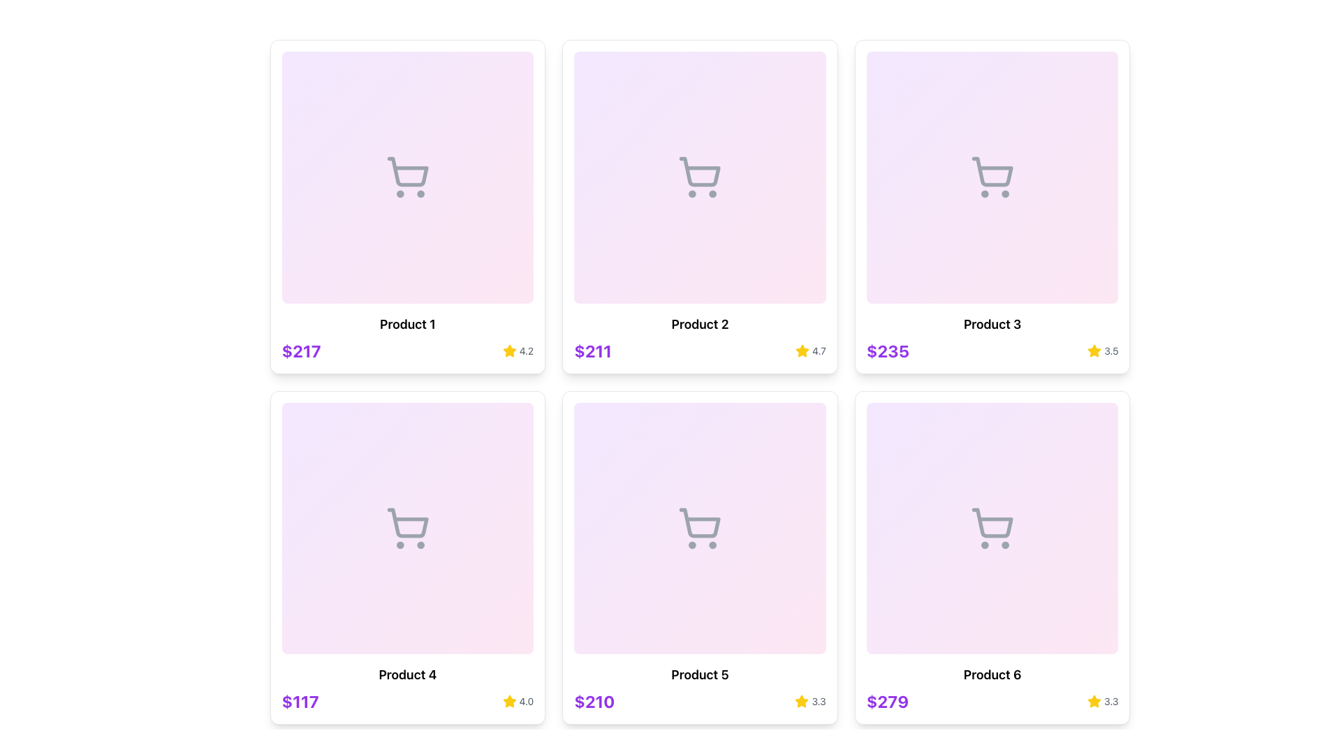  What do you see at coordinates (992, 177) in the screenshot?
I see `the shopping cart icon, which is styled with a gray stroke on a transparent background, located in the third product card above the text label 'Product 3'` at bounding box center [992, 177].